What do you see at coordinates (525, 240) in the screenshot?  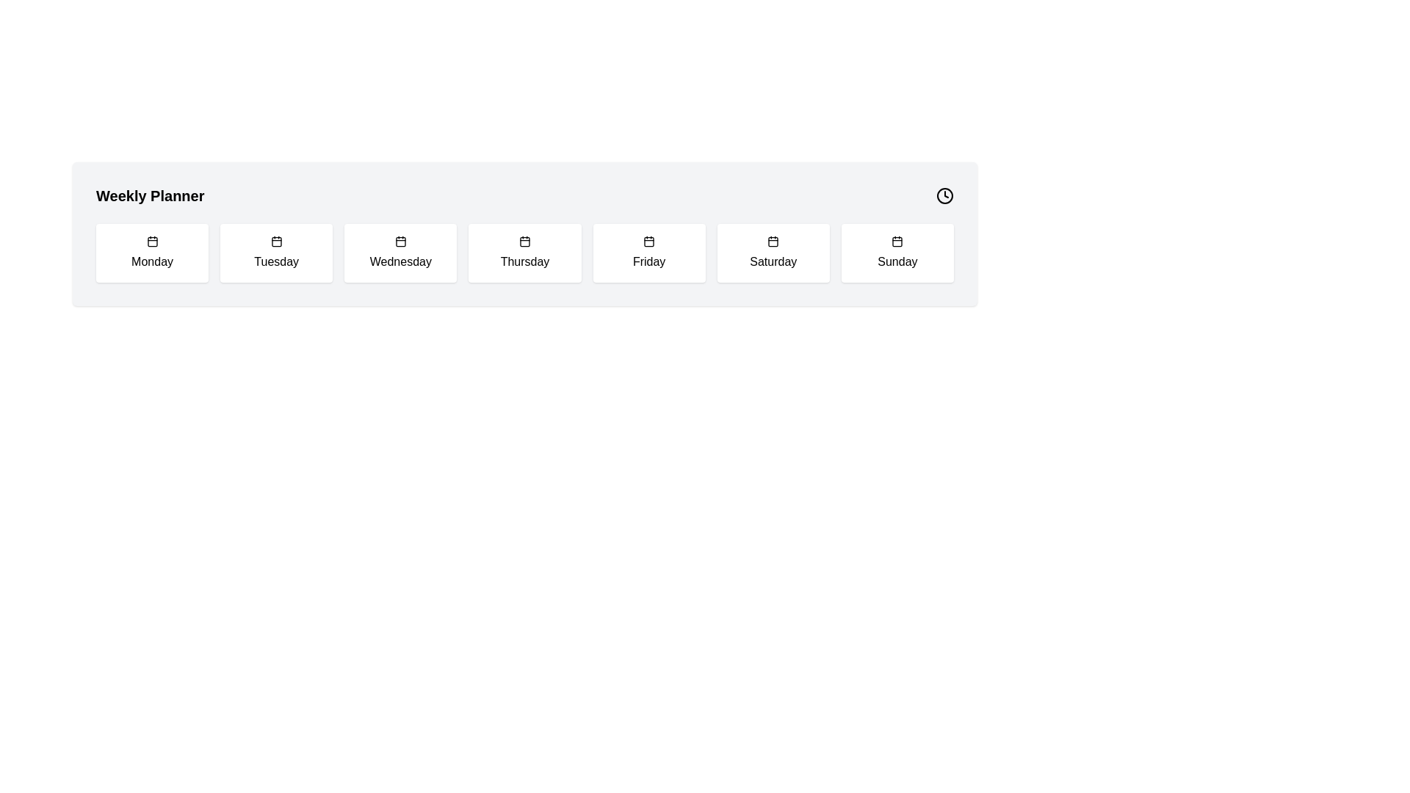 I see `the calendar icon located in the 'Thursday' section, which features a minimalistic black line design with a detachable month tab and grid-like structure` at bounding box center [525, 240].